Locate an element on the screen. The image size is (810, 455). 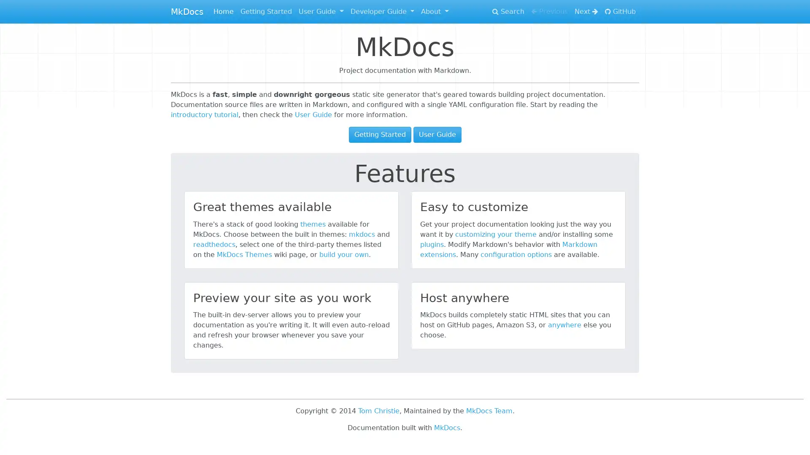
Getting Started is located at coordinates (379, 134).